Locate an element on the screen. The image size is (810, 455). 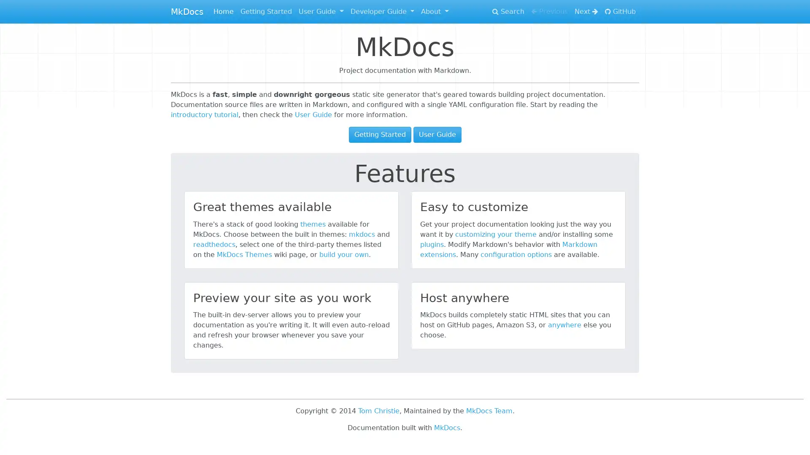
Getting Started is located at coordinates (379, 134).